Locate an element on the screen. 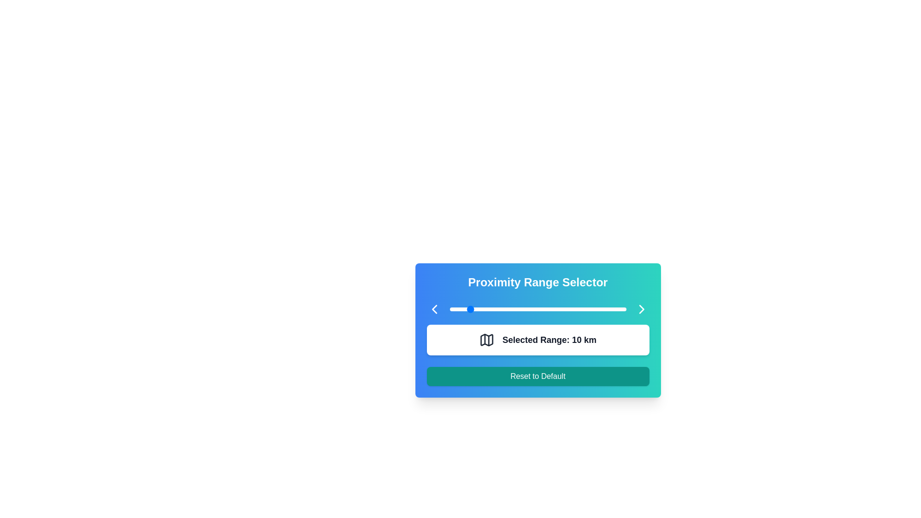 This screenshot has height=518, width=921. the proximity range is located at coordinates (612, 309).